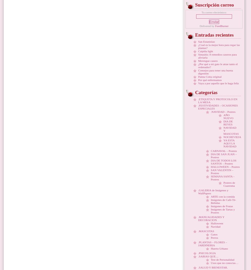  I want to click on 'San Estanislao', so click(207, 41).